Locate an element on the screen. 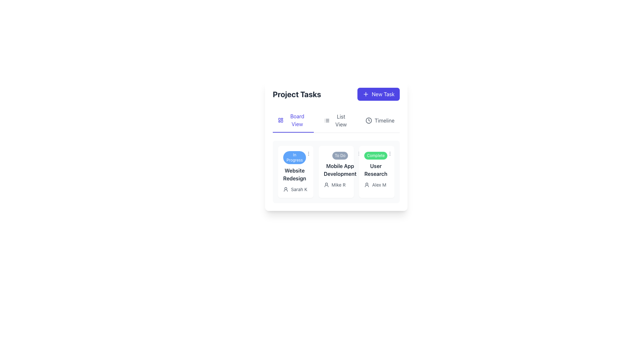 Image resolution: width=625 pixels, height=351 pixels. the 'Timeline' button, which is the third button in a segmented navigation selector for 'Project Tasks' is located at coordinates (380, 120).